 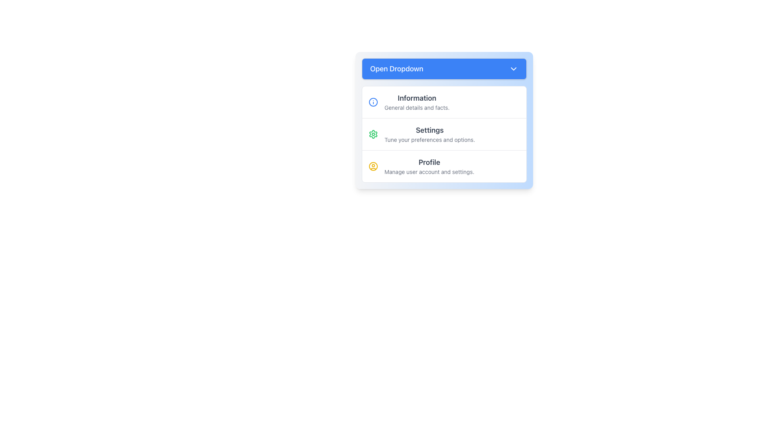 What do you see at coordinates (417, 108) in the screenshot?
I see `the text label reading 'General details and facts.' which is located directly below the 'Information' header in the dropdown interface` at bounding box center [417, 108].